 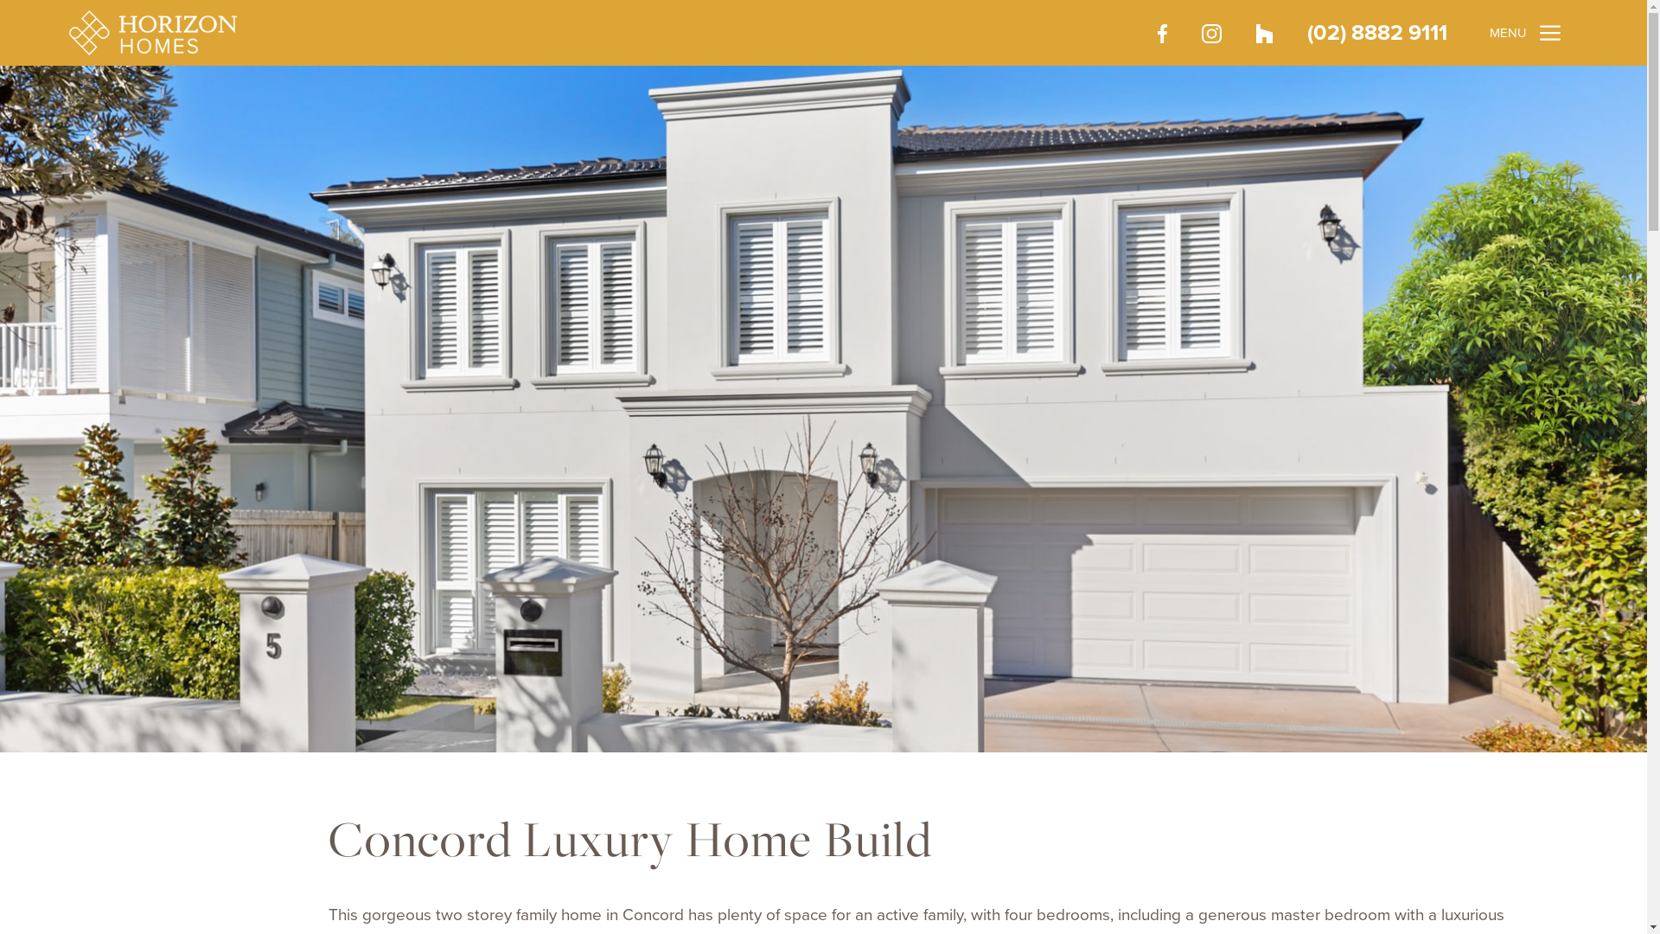 What do you see at coordinates (1376, 33) in the screenshot?
I see `'(02) 8882 9111'` at bounding box center [1376, 33].